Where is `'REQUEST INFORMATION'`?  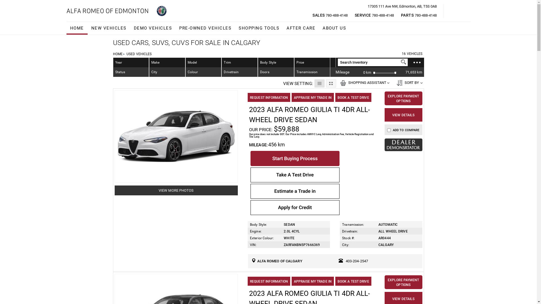 'REQUEST INFORMATION' is located at coordinates (269, 97).